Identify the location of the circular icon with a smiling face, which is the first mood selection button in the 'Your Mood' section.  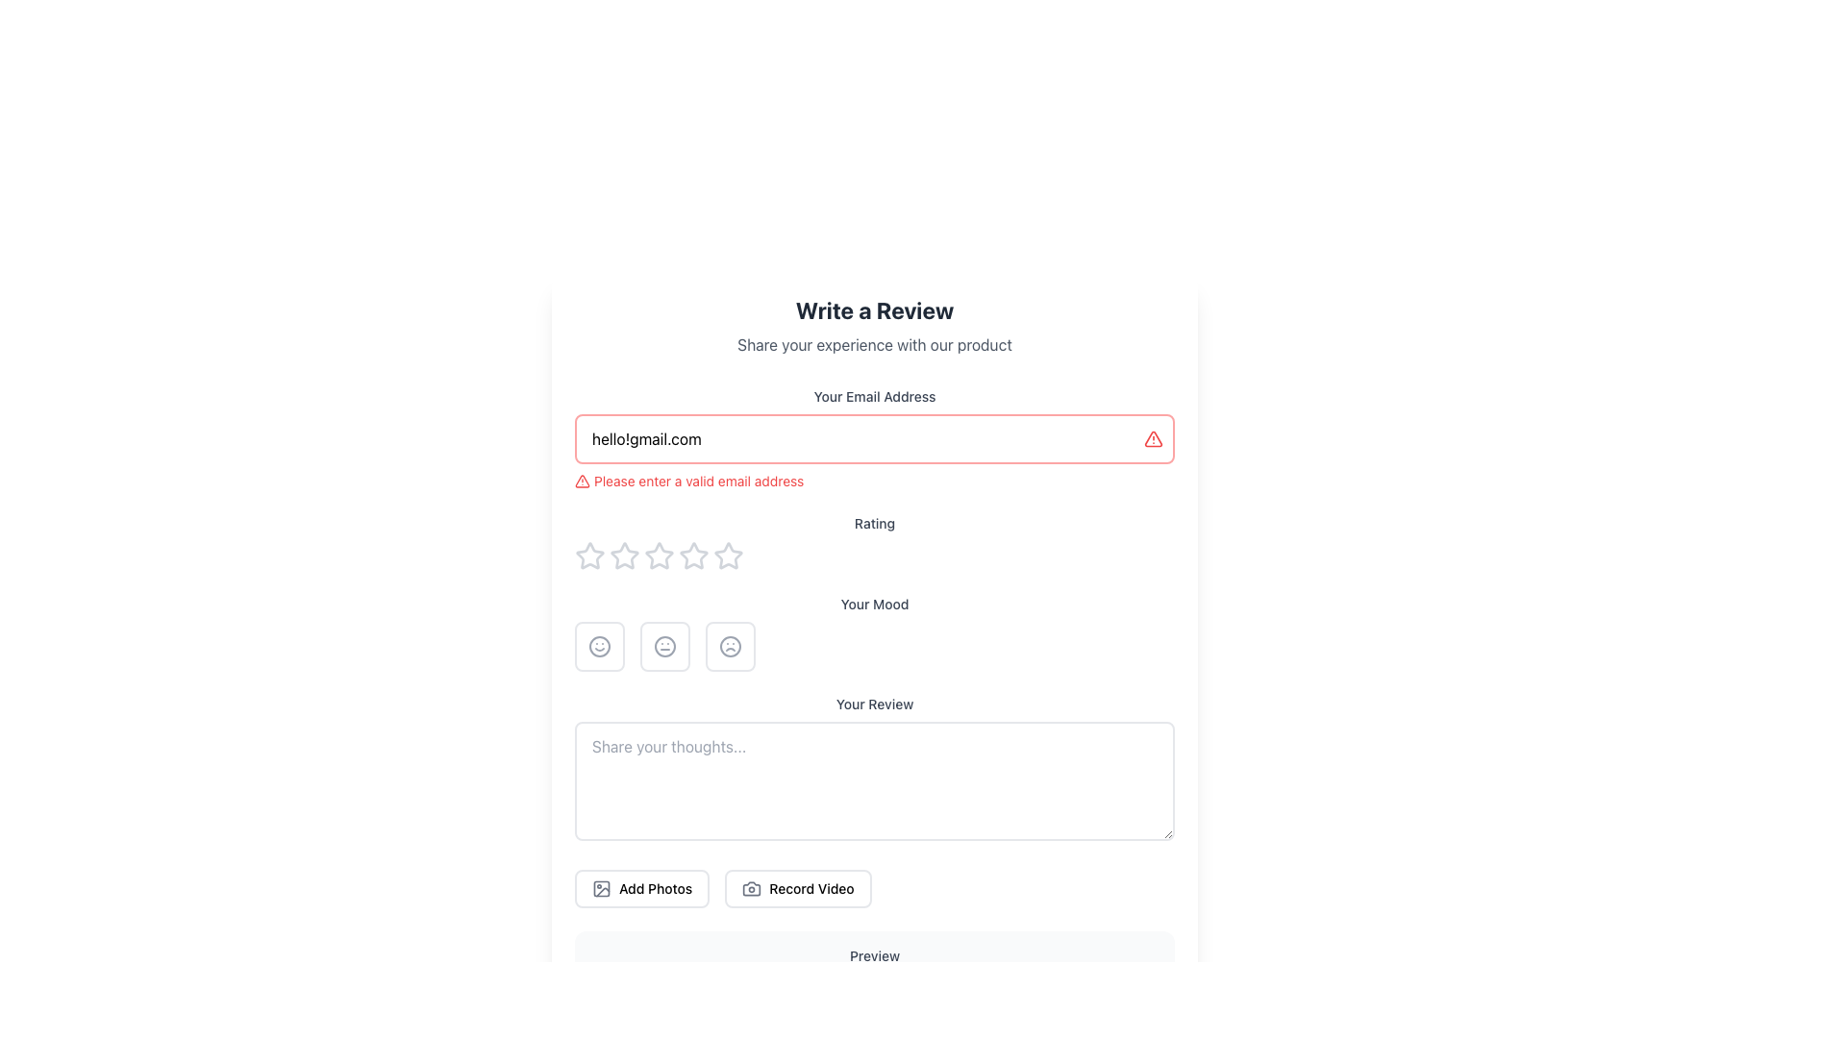
(599, 646).